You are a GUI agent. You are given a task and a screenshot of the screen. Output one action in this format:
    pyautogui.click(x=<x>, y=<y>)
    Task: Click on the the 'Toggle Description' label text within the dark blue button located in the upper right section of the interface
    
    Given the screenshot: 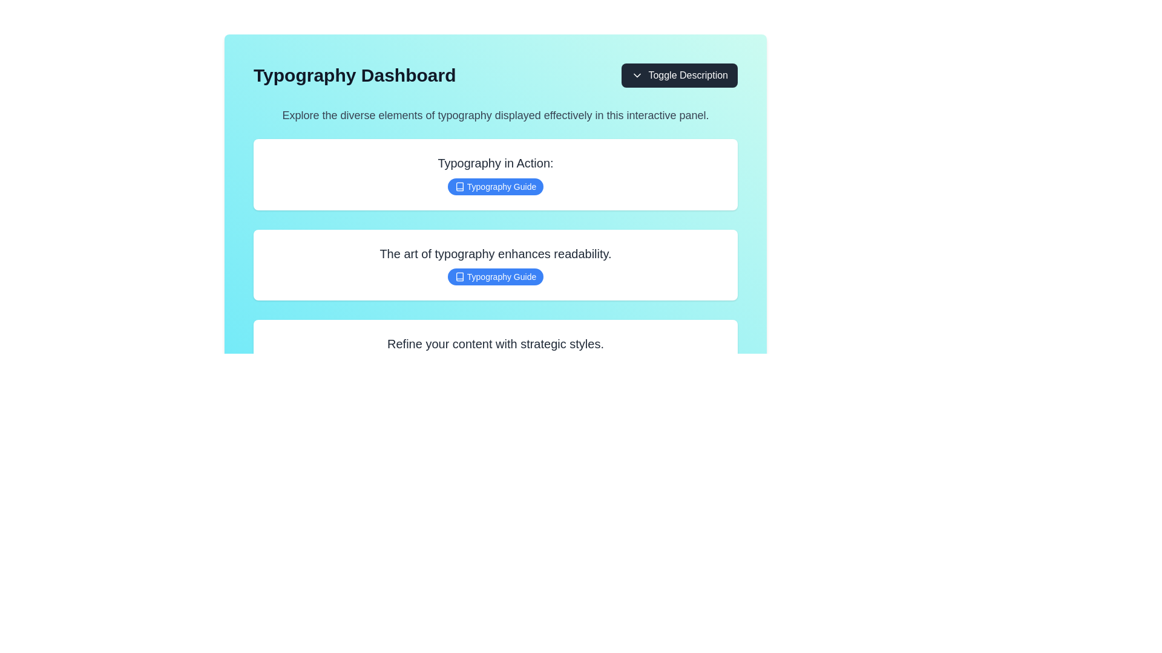 What is the action you would take?
    pyautogui.click(x=688, y=75)
    